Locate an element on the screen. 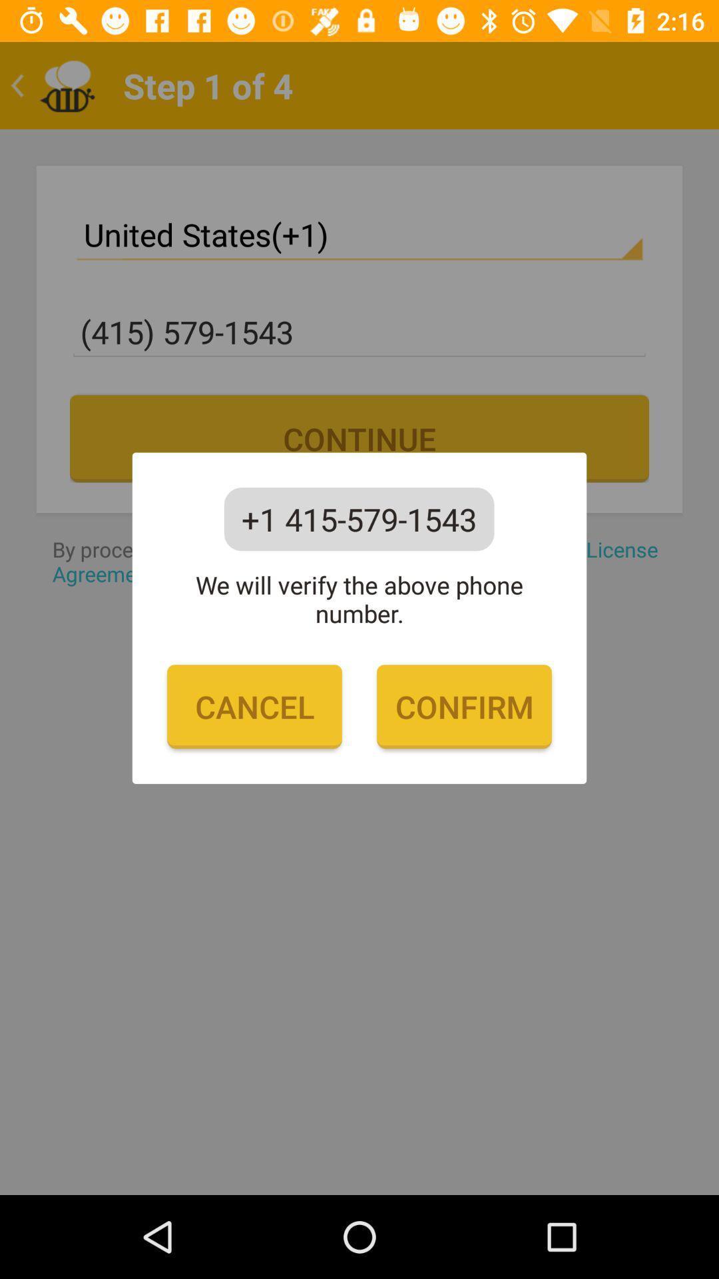  icon next to the confirm item is located at coordinates (254, 706).